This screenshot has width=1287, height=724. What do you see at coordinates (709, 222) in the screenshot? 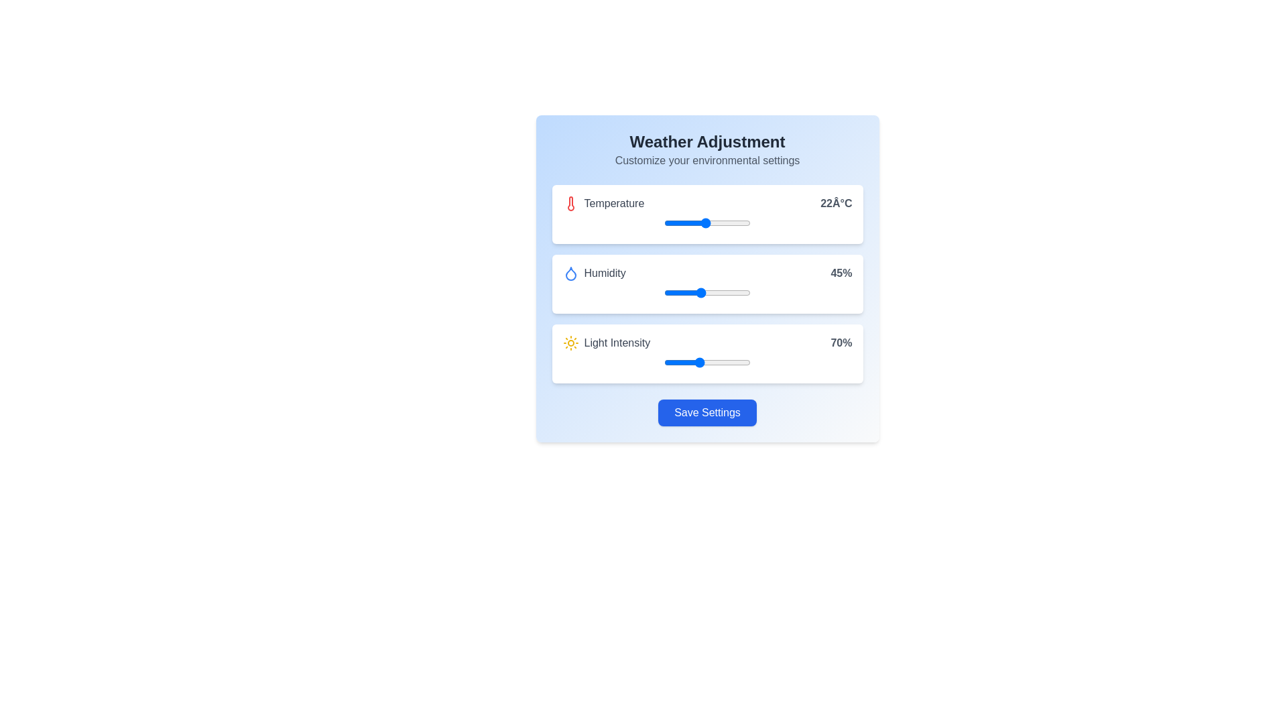
I see `the temperature` at bounding box center [709, 222].